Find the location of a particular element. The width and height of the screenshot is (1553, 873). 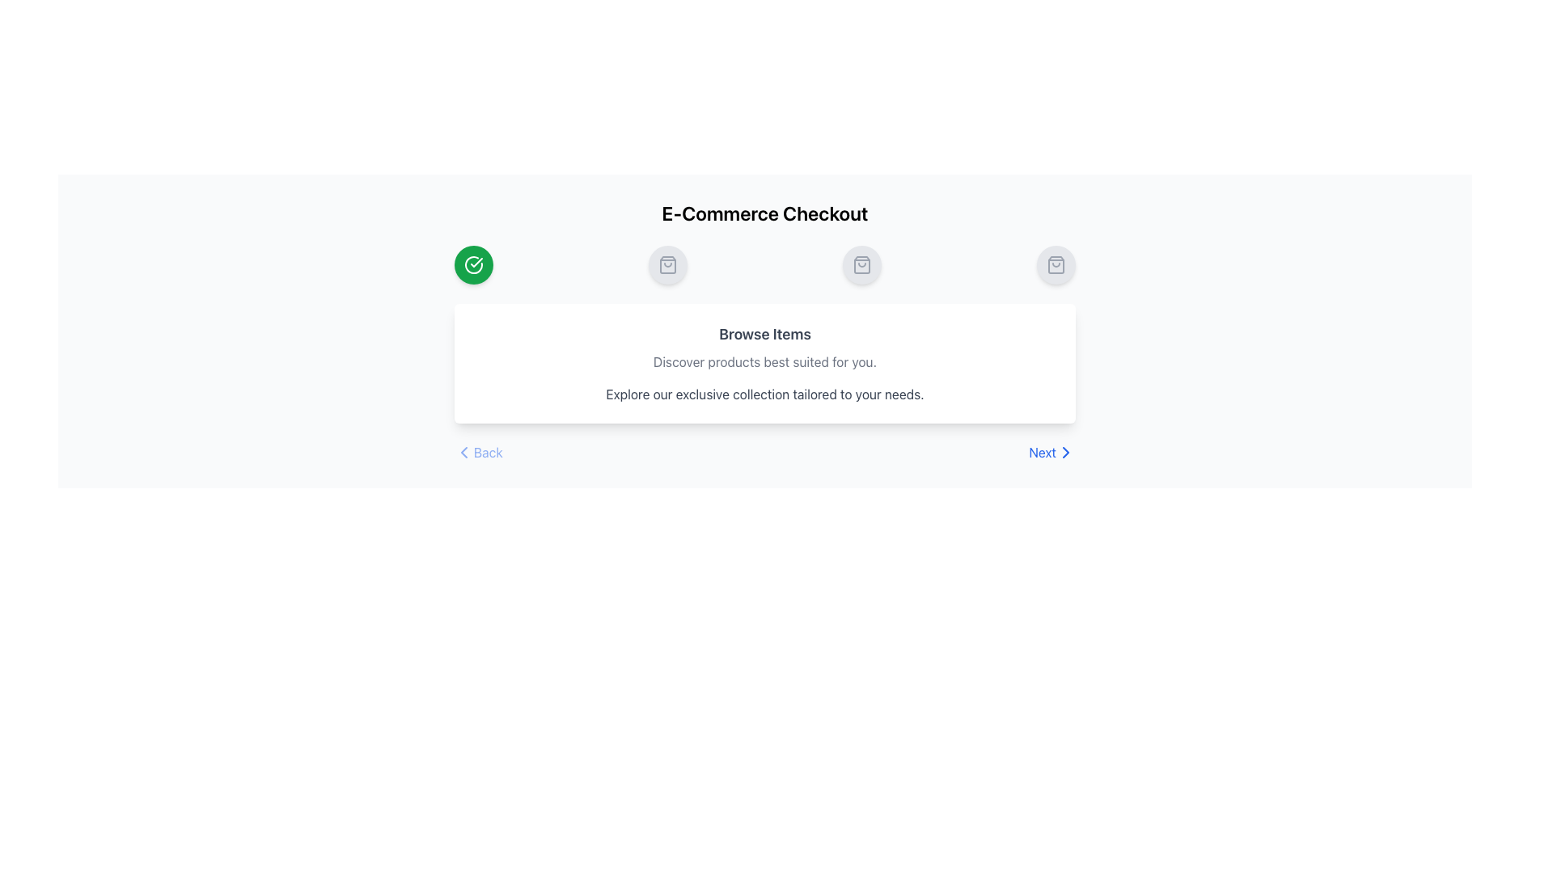

the 'Next' button located in the bottom-right section of the interface to observe its hover styling is located at coordinates (1052, 452).